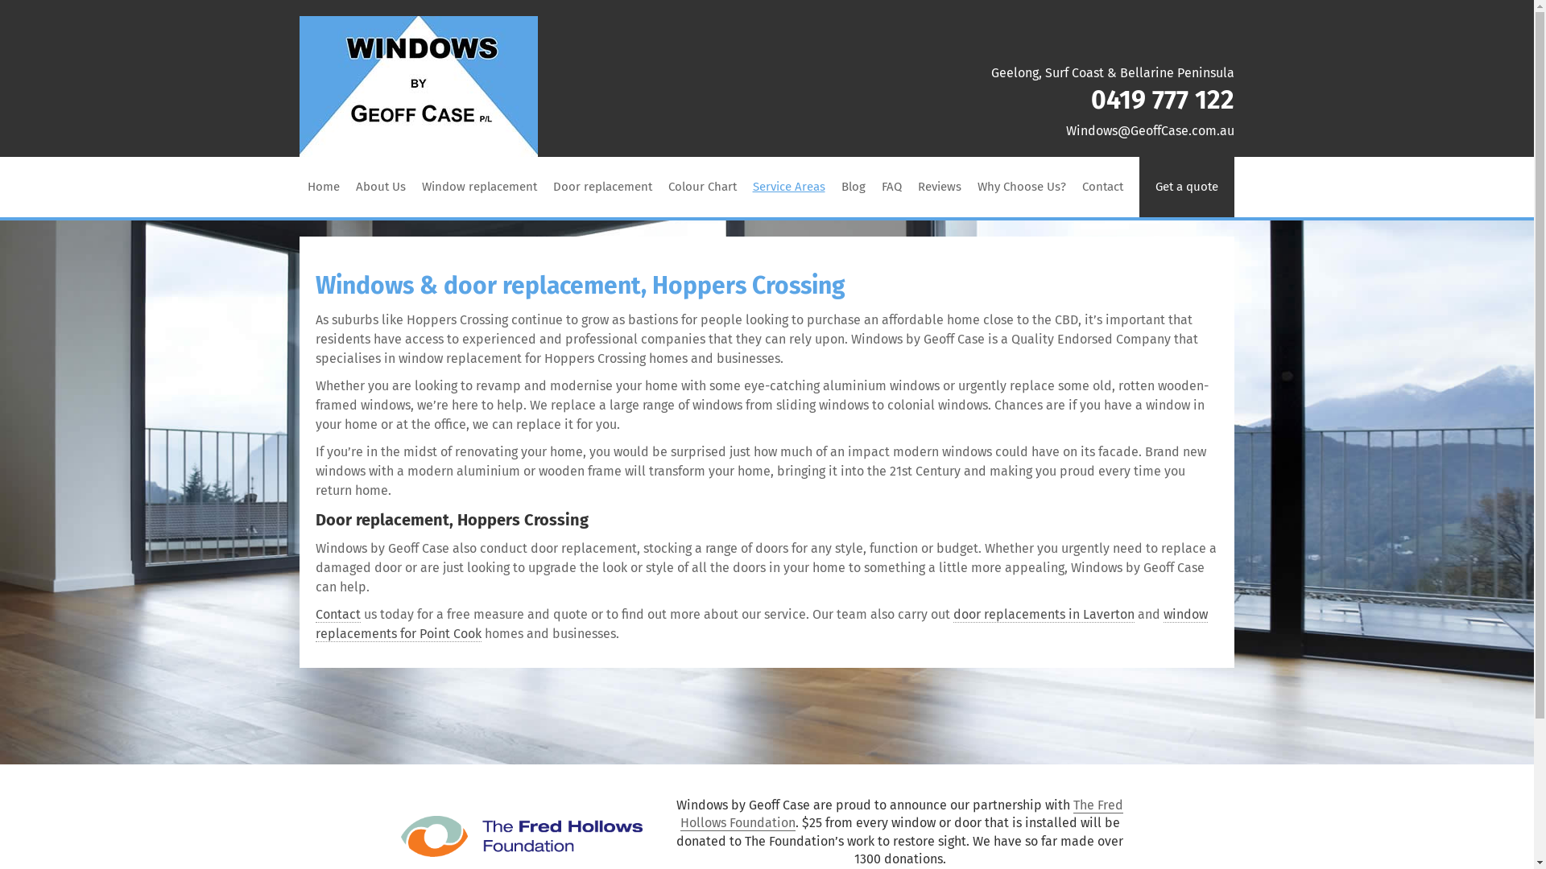  I want to click on 'door replacements in Laverton', so click(1044, 614).